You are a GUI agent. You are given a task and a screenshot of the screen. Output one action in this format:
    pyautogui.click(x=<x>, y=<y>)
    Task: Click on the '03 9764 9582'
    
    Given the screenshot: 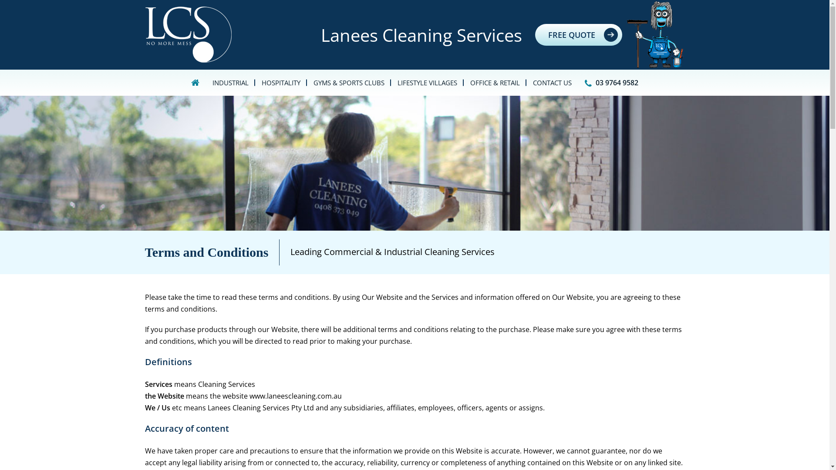 What is the action you would take?
    pyautogui.click(x=611, y=82)
    